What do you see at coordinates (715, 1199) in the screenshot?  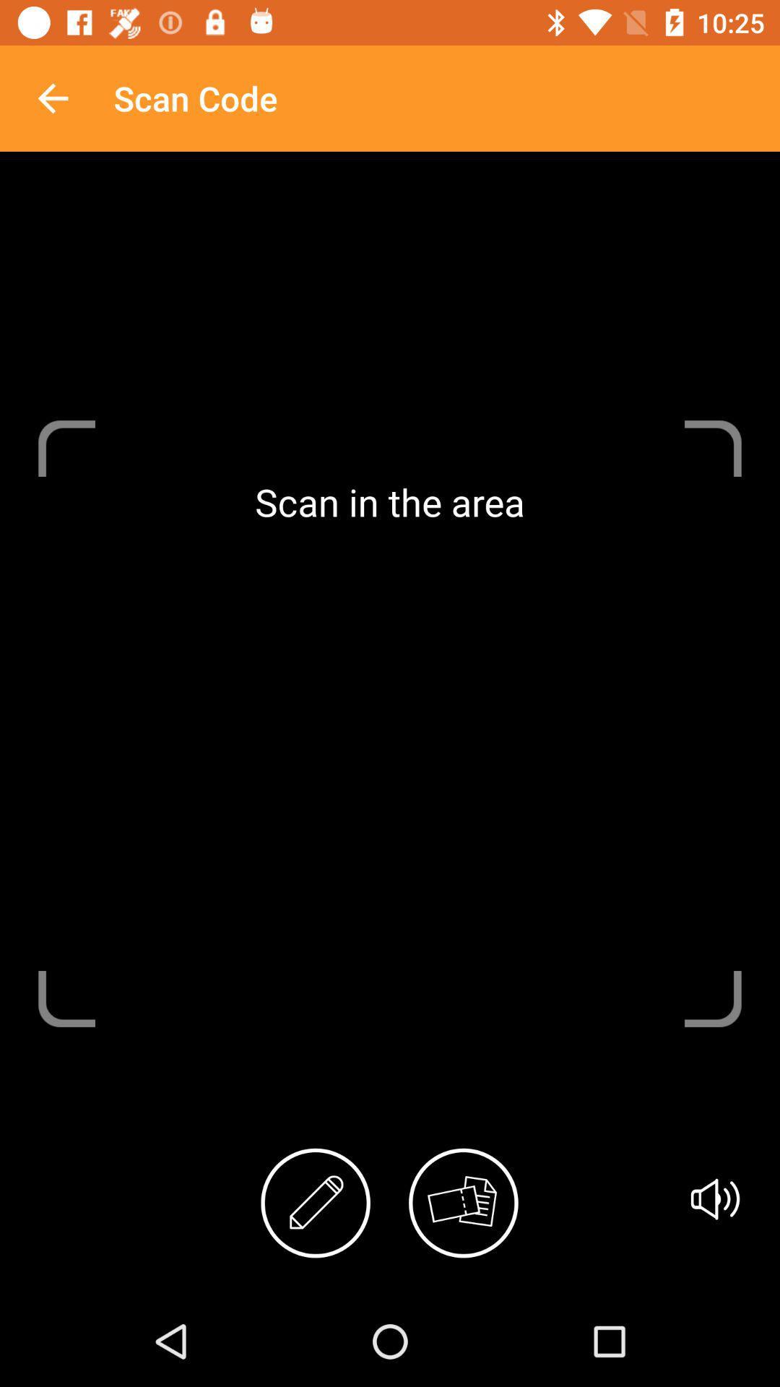 I see `item at the bottom right corner` at bounding box center [715, 1199].